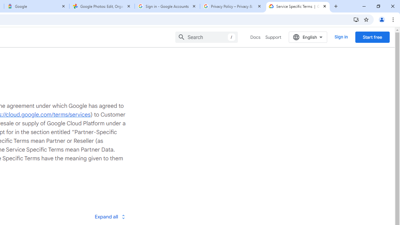 Image resolution: width=400 pixels, height=225 pixels. What do you see at coordinates (381, 19) in the screenshot?
I see `'You'` at bounding box center [381, 19].